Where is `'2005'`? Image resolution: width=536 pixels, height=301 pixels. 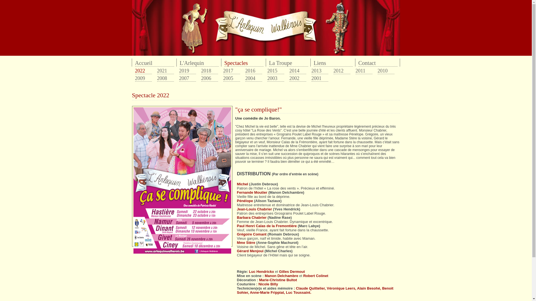 '2005' is located at coordinates (232, 78).